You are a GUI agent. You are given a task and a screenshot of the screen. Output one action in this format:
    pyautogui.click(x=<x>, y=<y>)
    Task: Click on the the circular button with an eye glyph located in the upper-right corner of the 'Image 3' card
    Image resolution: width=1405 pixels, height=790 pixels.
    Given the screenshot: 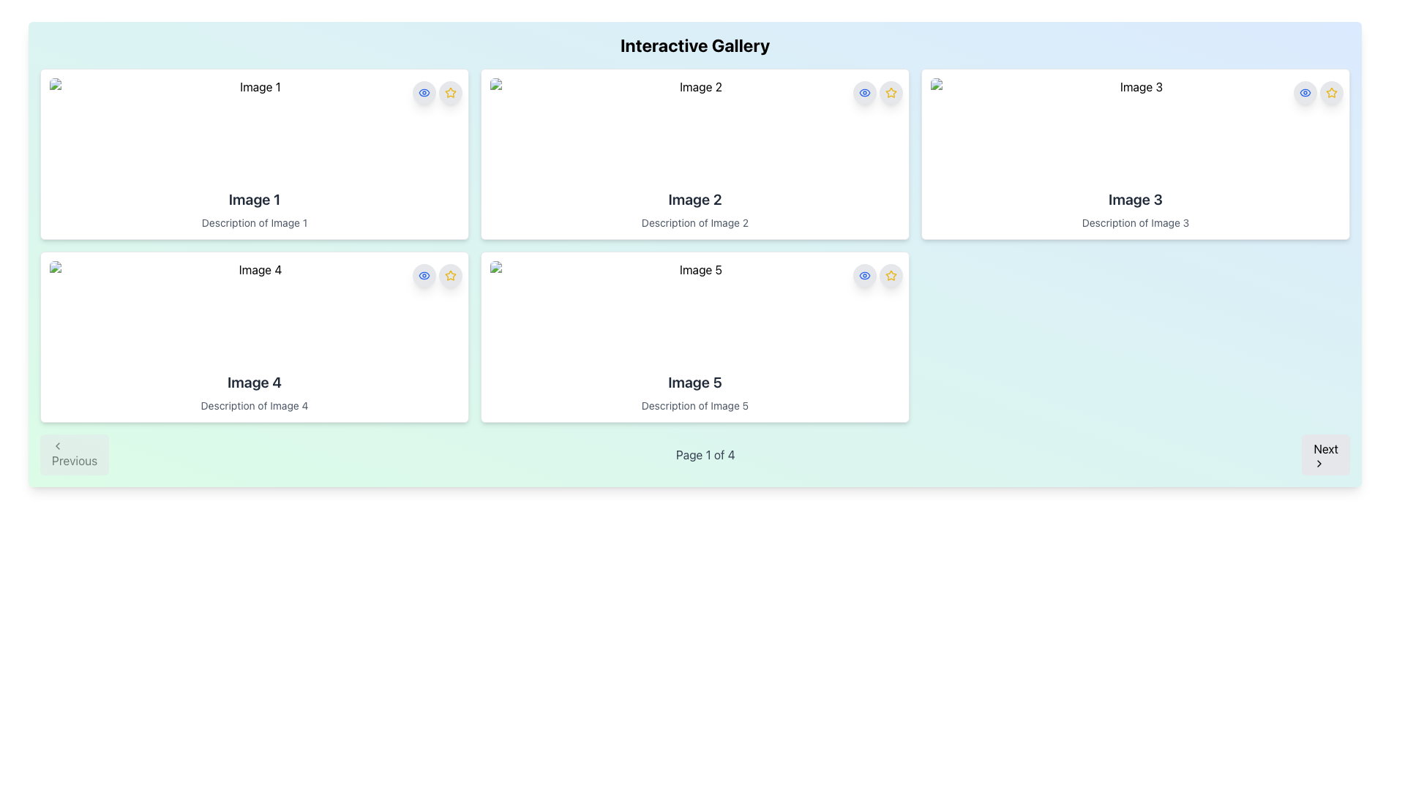 What is the action you would take?
    pyautogui.click(x=1305, y=93)
    